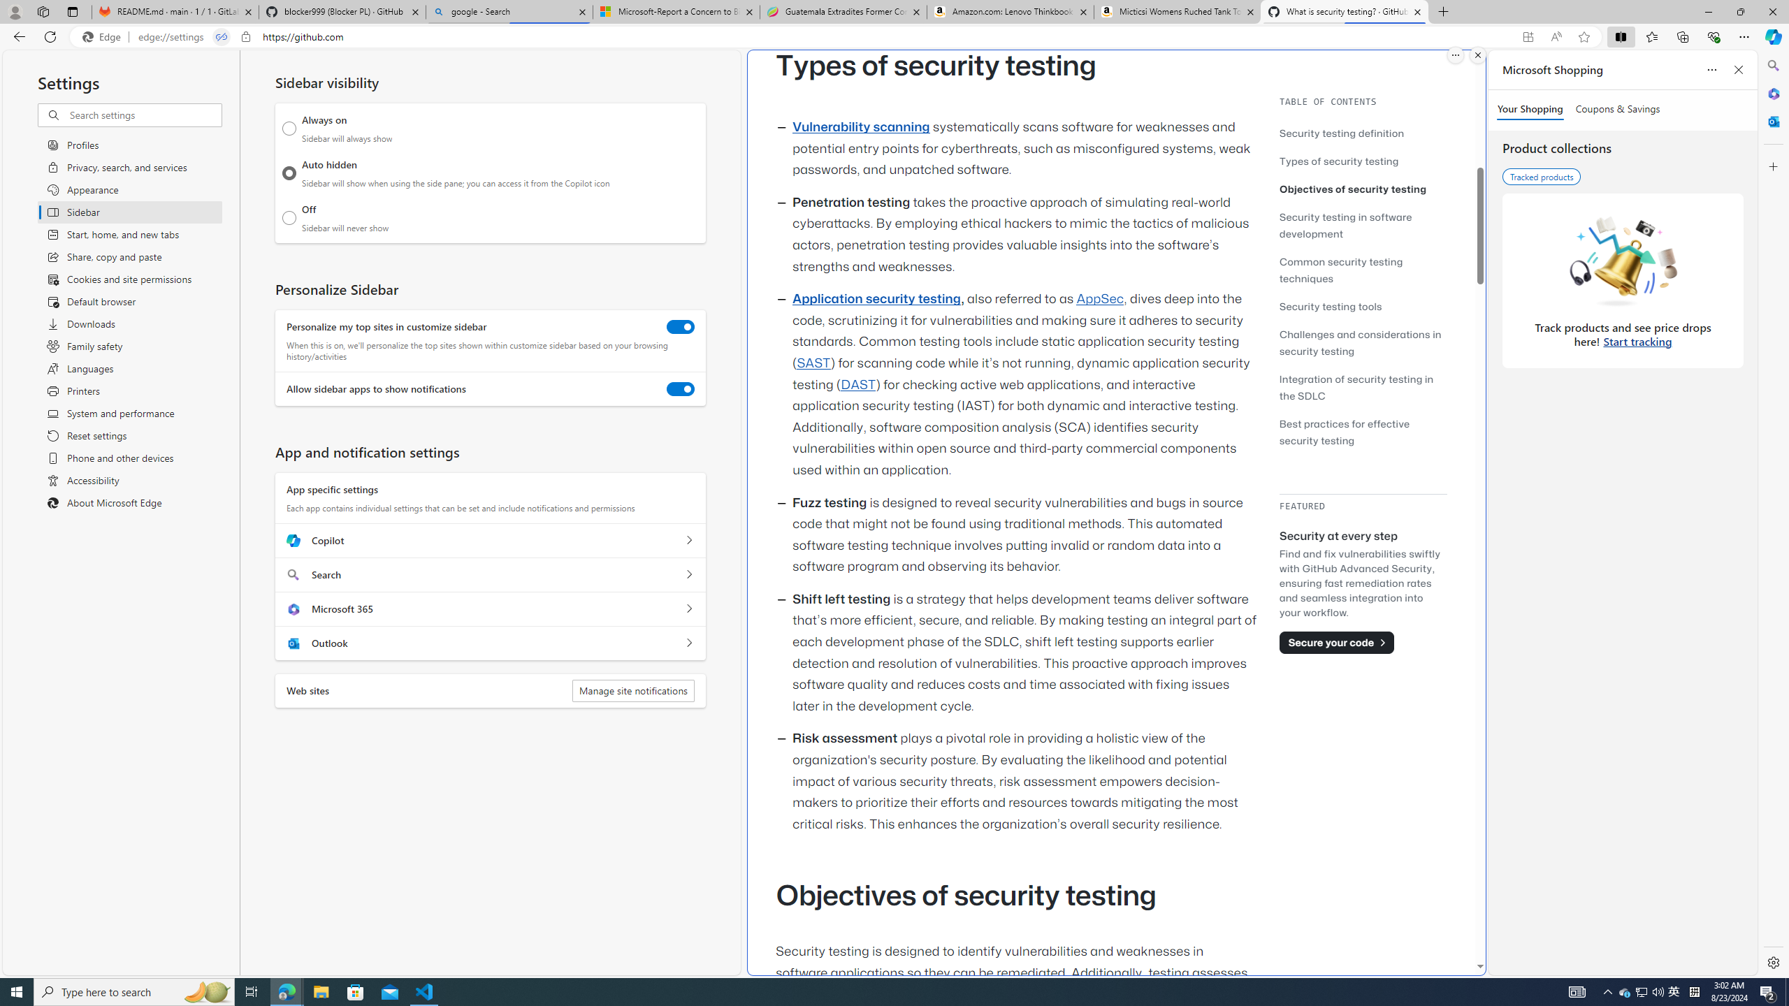 Image resolution: width=1789 pixels, height=1006 pixels. What do you see at coordinates (1455, 54) in the screenshot?
I see `'More options.'` at bounding box center [1455, 54].